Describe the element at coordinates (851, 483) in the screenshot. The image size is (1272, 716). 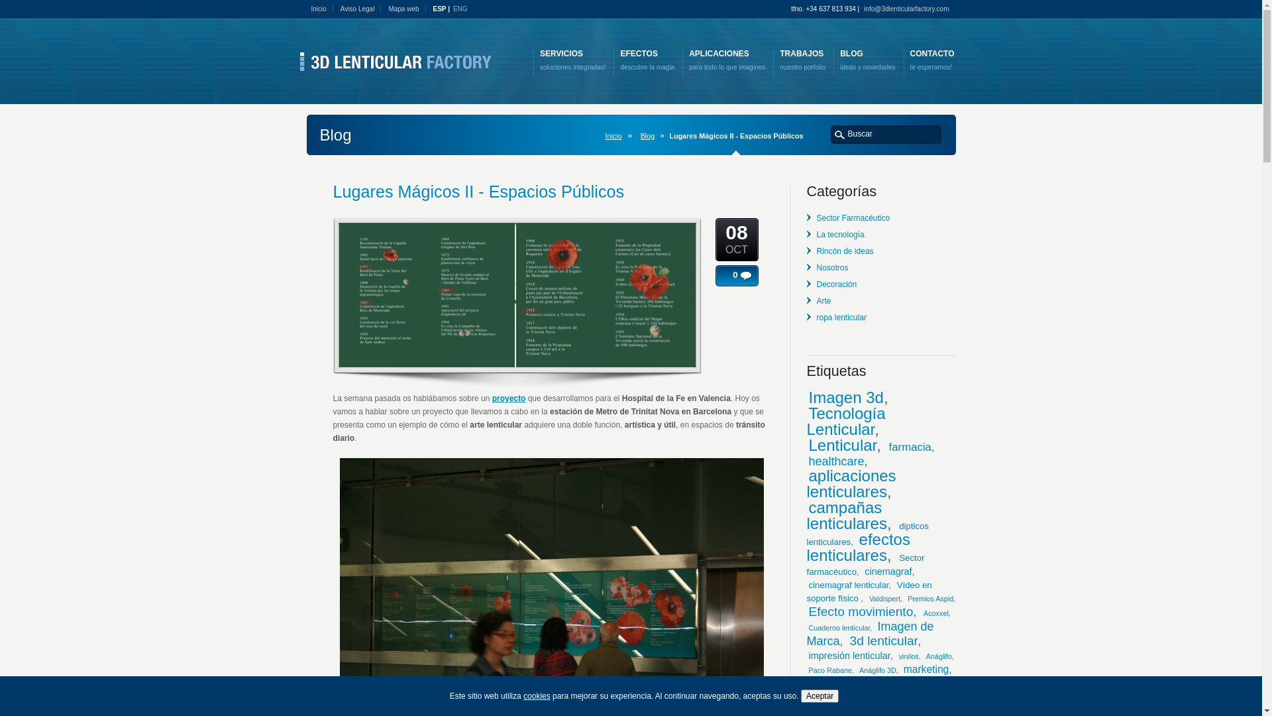
I see `'aplicaciones lenticulares'` at that location.